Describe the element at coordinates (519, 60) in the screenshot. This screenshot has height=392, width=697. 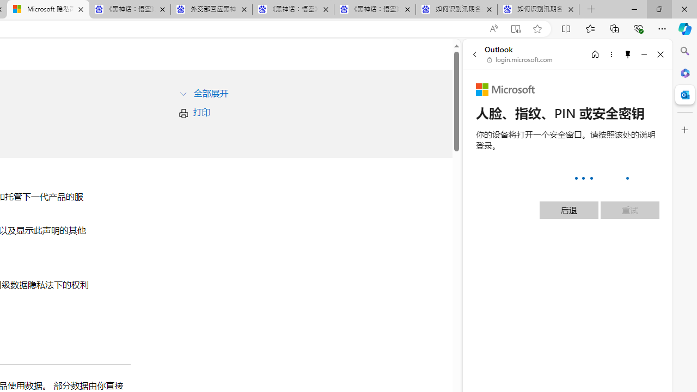
I see `'login.microsoft.com'` at that location.